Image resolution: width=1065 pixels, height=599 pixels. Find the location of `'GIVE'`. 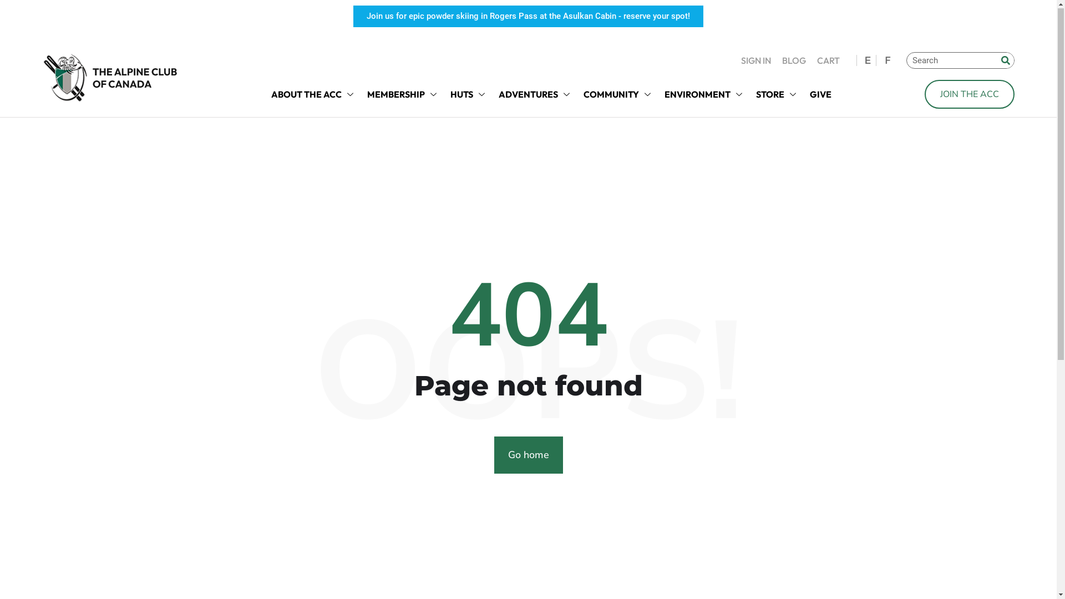

'GIVE' is located at coordinates (820, 94).